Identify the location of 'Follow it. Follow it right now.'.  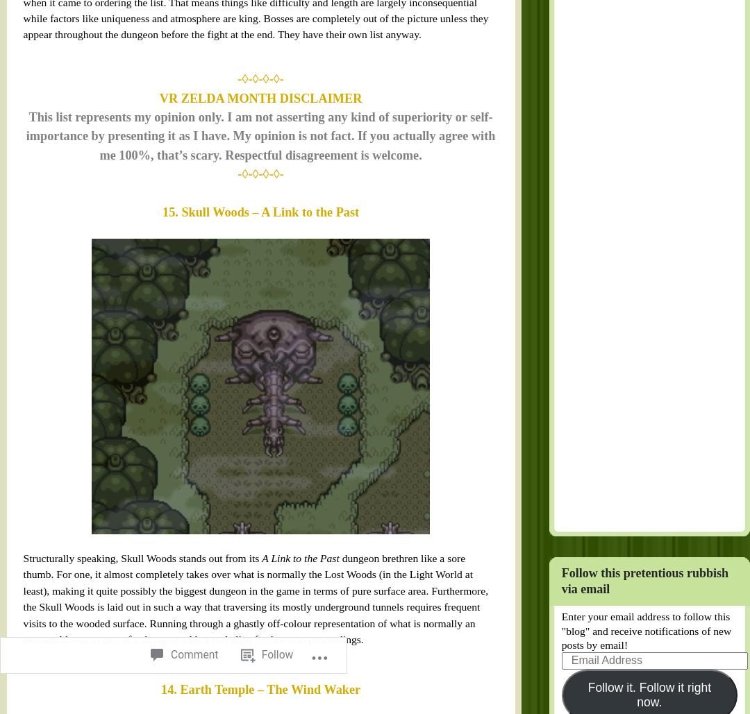
(489, 459).